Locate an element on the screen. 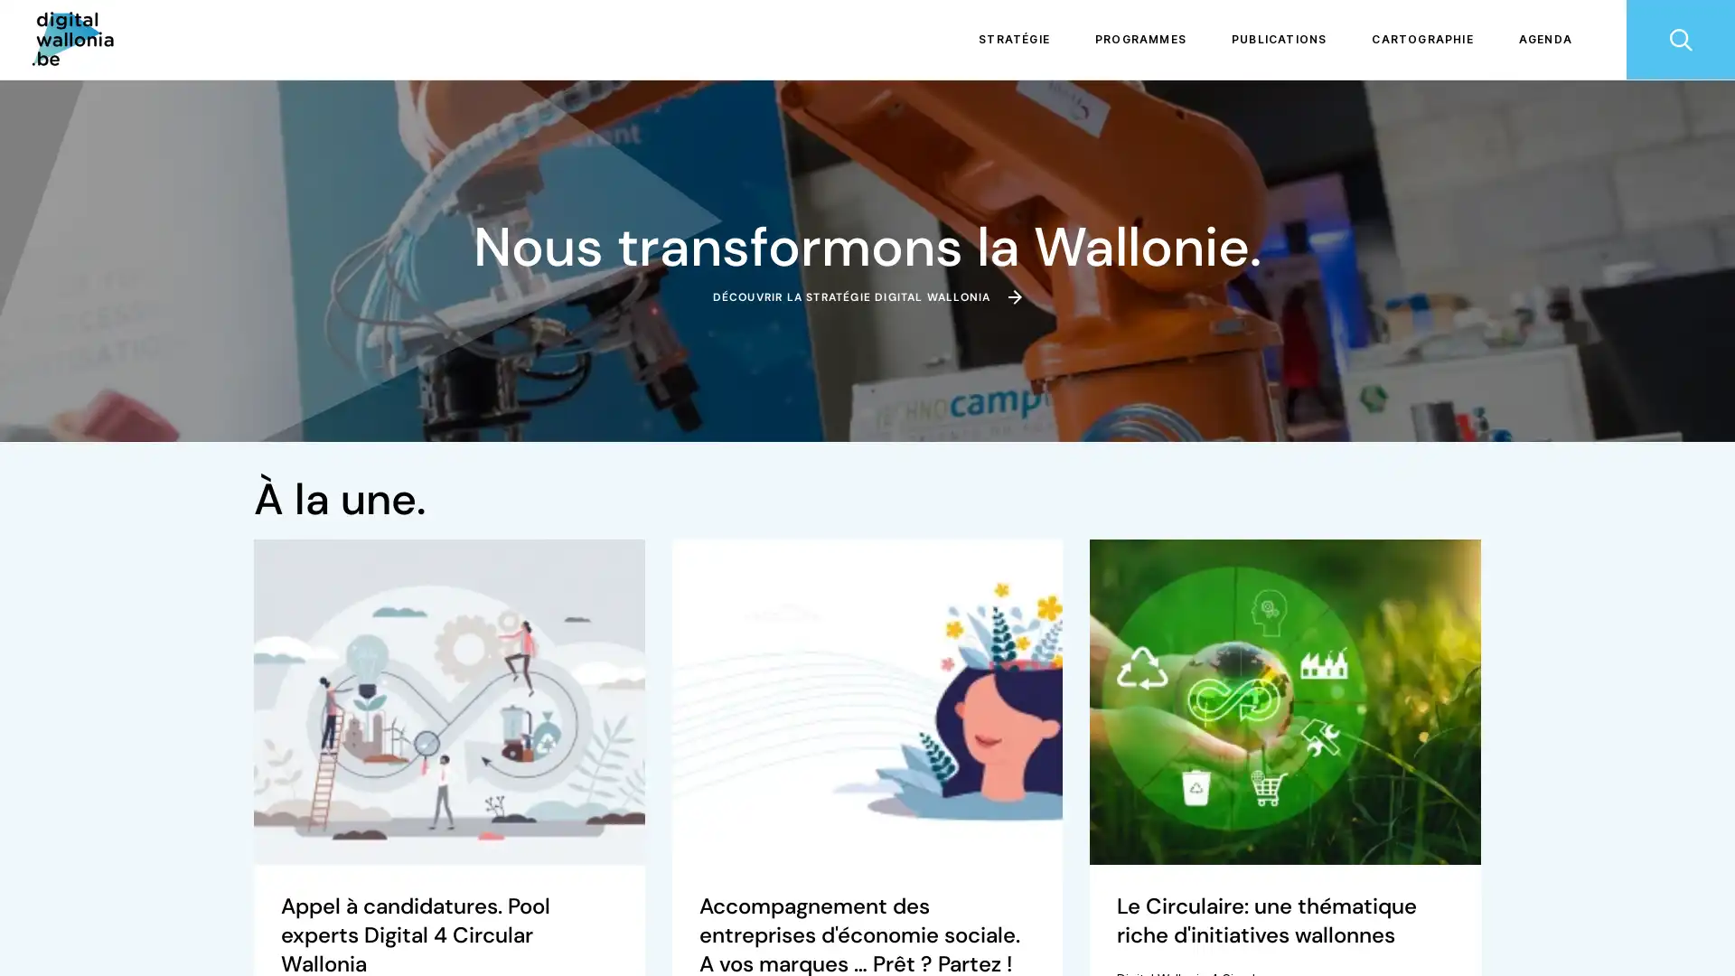  Manage your preferences about cookies is located at coordinates (38, 943).